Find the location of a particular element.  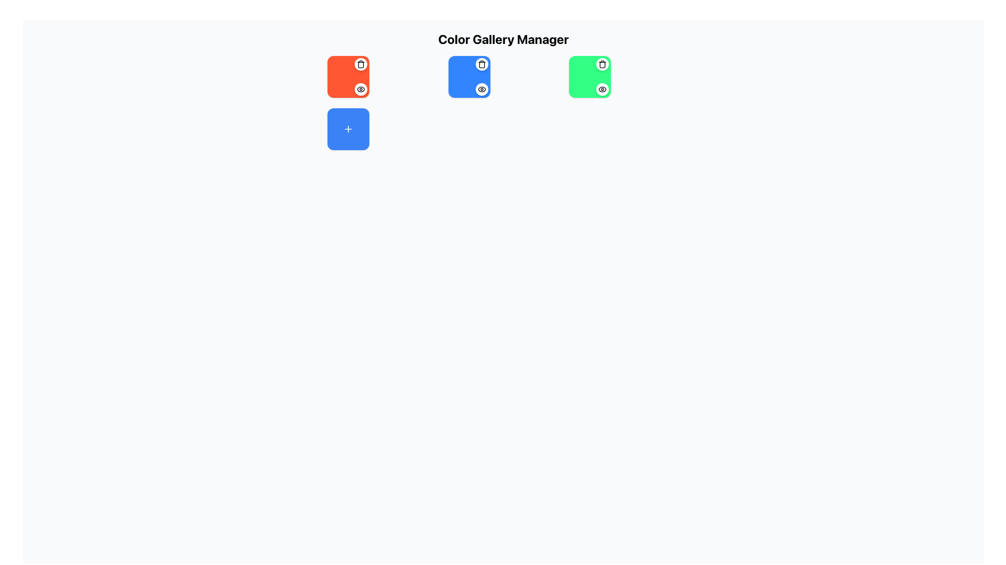

the delete button located in the top-right corner of the orange card, which is inside a circular white background with a rounded shadow effect is located at coordinates (361, 64).